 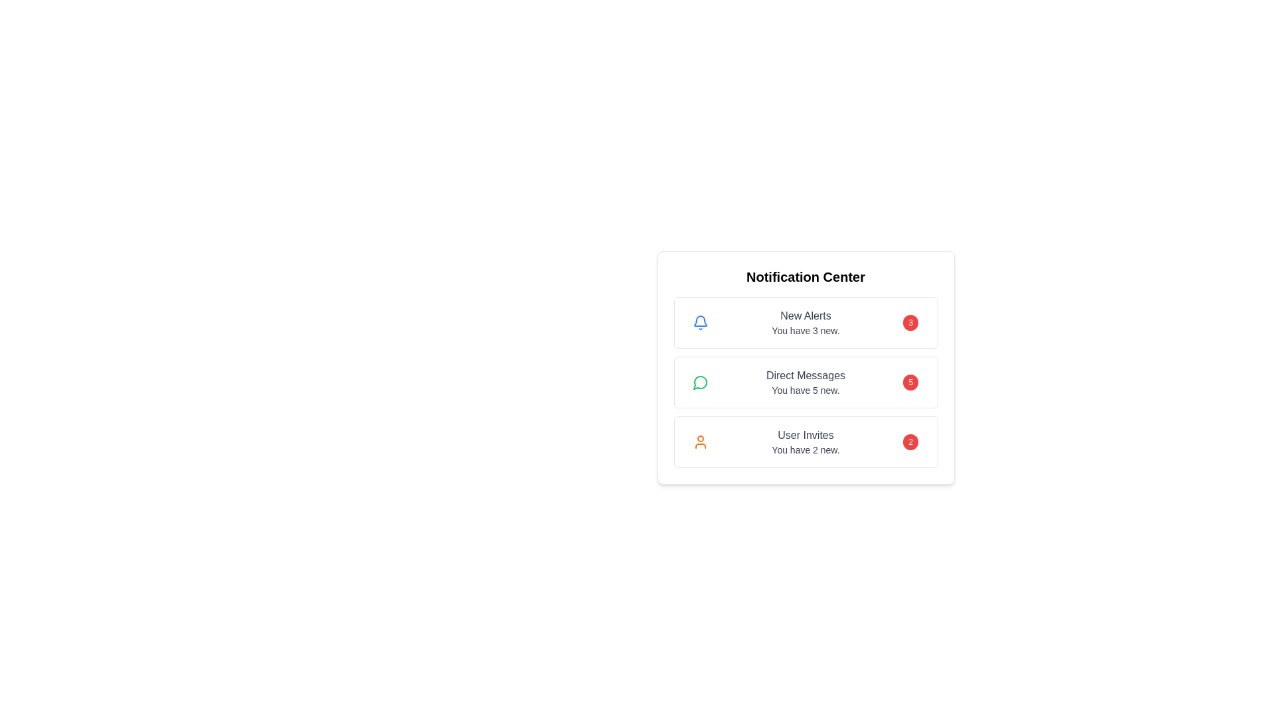 What do you see at coordinates (805, 449) in the screenshot?
I see `static text label that says 'You have 2 new.' located below the 'User Invites' title text within the notification card` at bounding box center [805, 449].